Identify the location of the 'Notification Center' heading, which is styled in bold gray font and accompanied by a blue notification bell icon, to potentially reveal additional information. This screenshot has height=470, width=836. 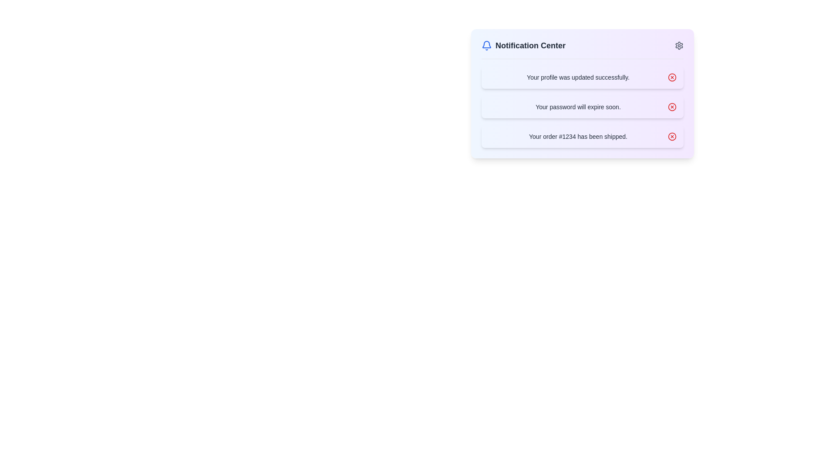
(523, 45).